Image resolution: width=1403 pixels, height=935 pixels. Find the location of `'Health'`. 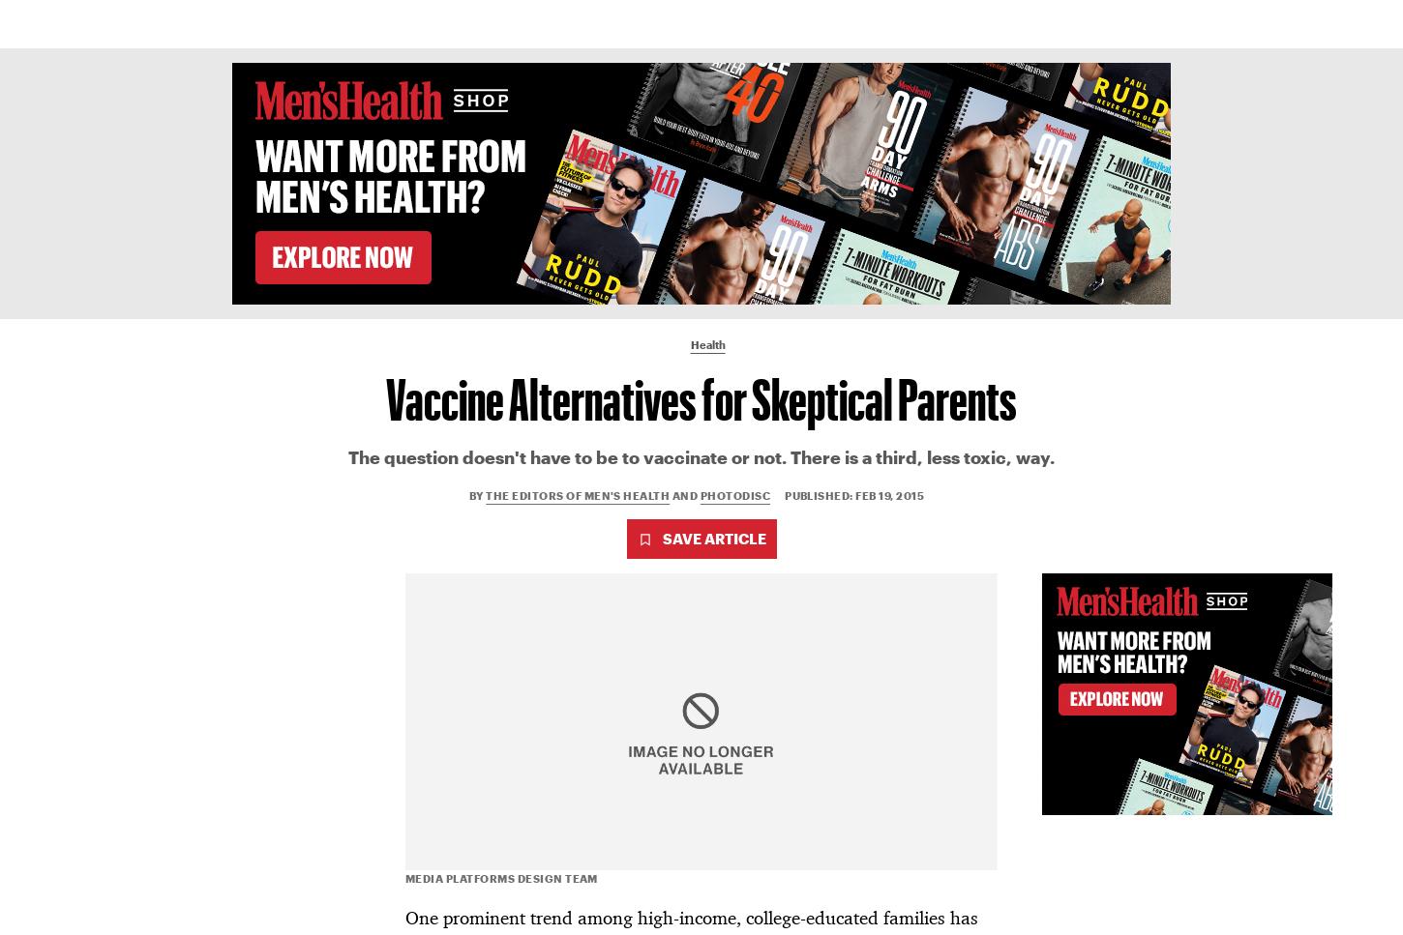

'Health' is located at coordinates (319, 22).